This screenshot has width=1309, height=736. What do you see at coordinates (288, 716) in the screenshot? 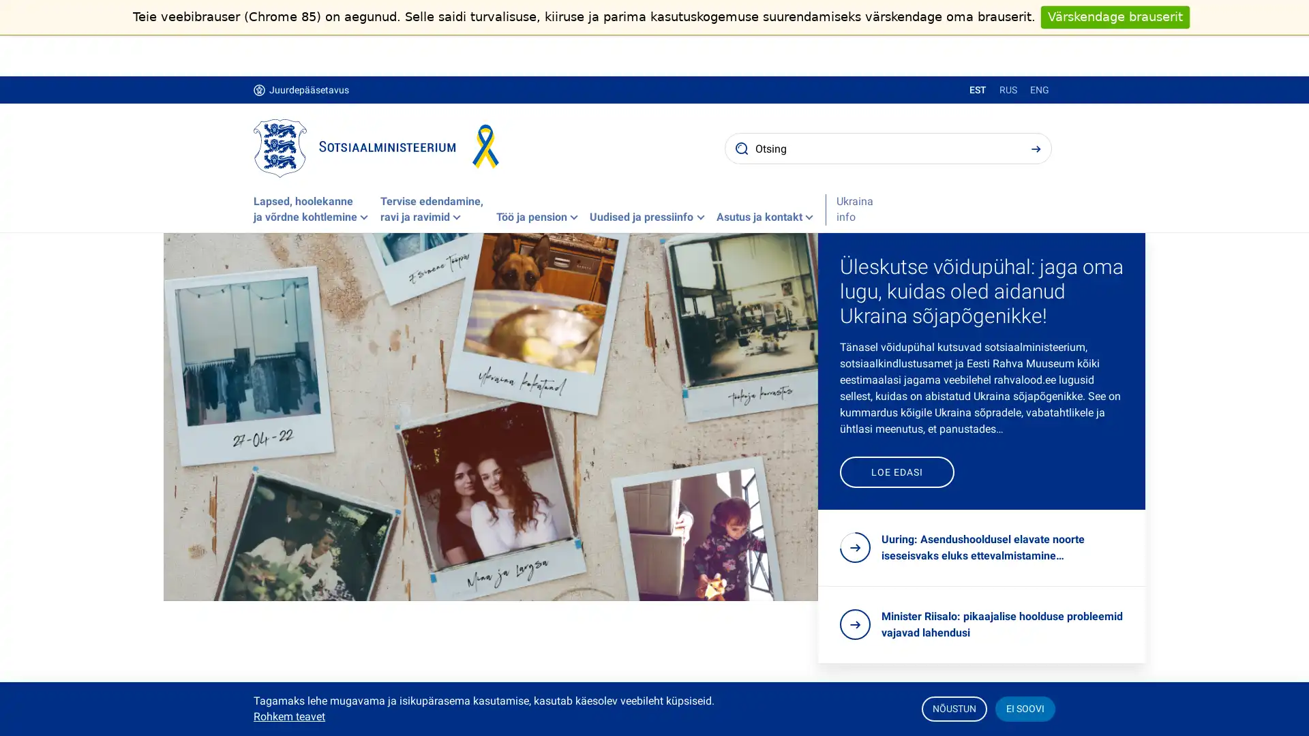
I see `Rohkem teavet` at bounding box center [288, 716].